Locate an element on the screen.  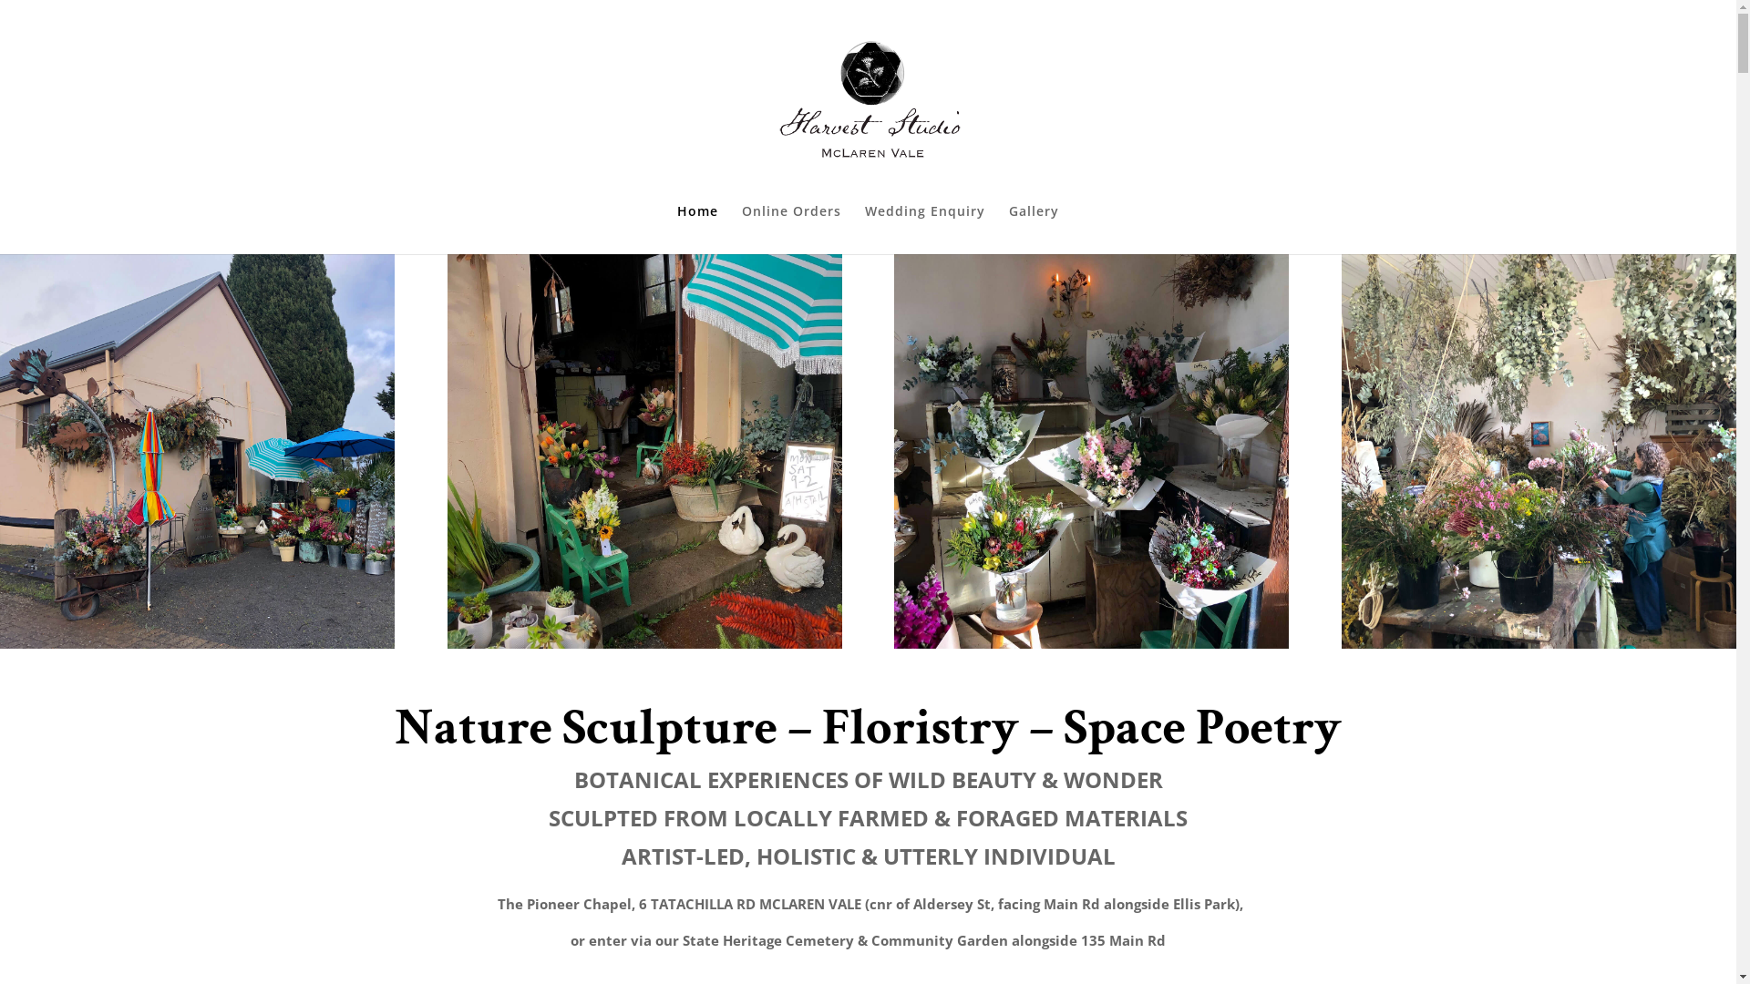
'hope-interior' is located at coordinates (1538, 451).